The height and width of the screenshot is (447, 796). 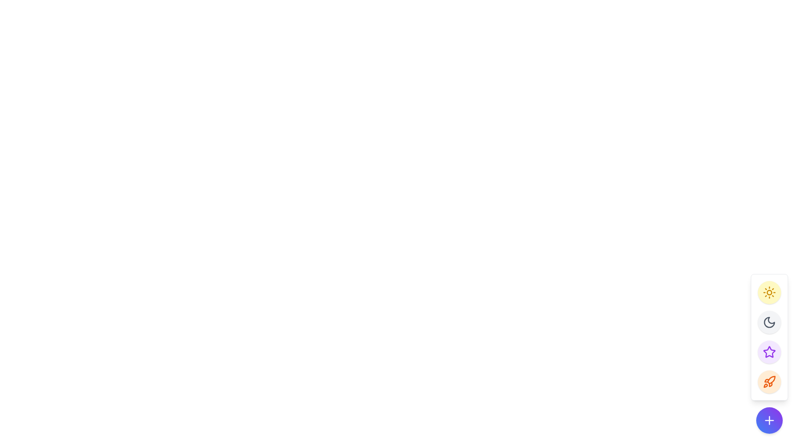 What do you see at coordinates (769, 382) in the screenshot?
I see `the circular button with an orange background and a rocket-shaped icon for keyboard interaction` at bounding box center [769, 382].